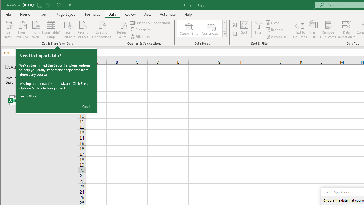 This screenshot has height=205, width=364. Describe the element at coordinates (346, 35) in the screenshot. I see `'More Options'` at that location.